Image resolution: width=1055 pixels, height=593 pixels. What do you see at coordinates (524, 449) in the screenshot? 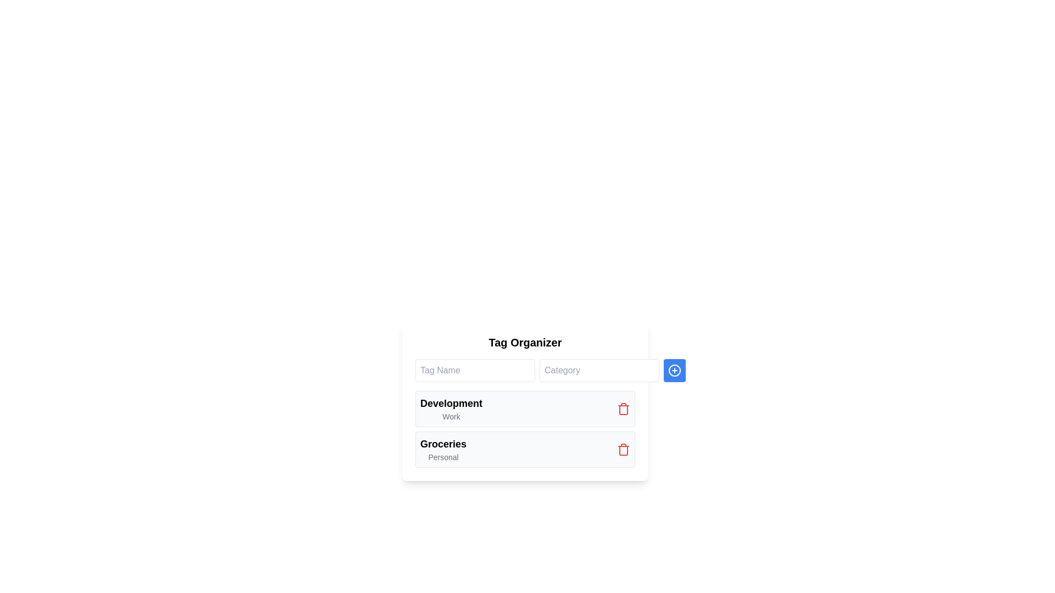
I see `labels of the categorized list item labeled 'Groceries' with a red trash icon, positioned centrally below the 'Development' section` at bounding box center [524, 449].